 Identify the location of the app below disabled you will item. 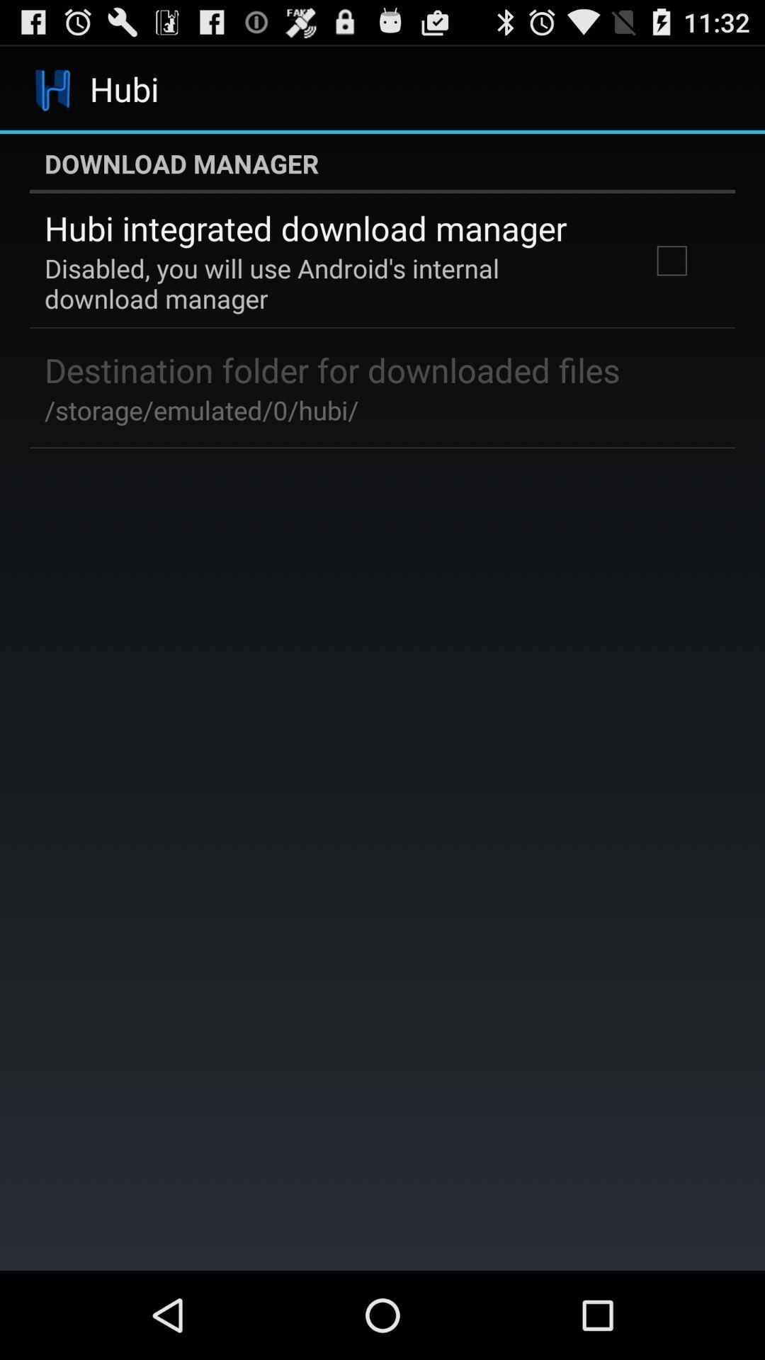
(332, 370).